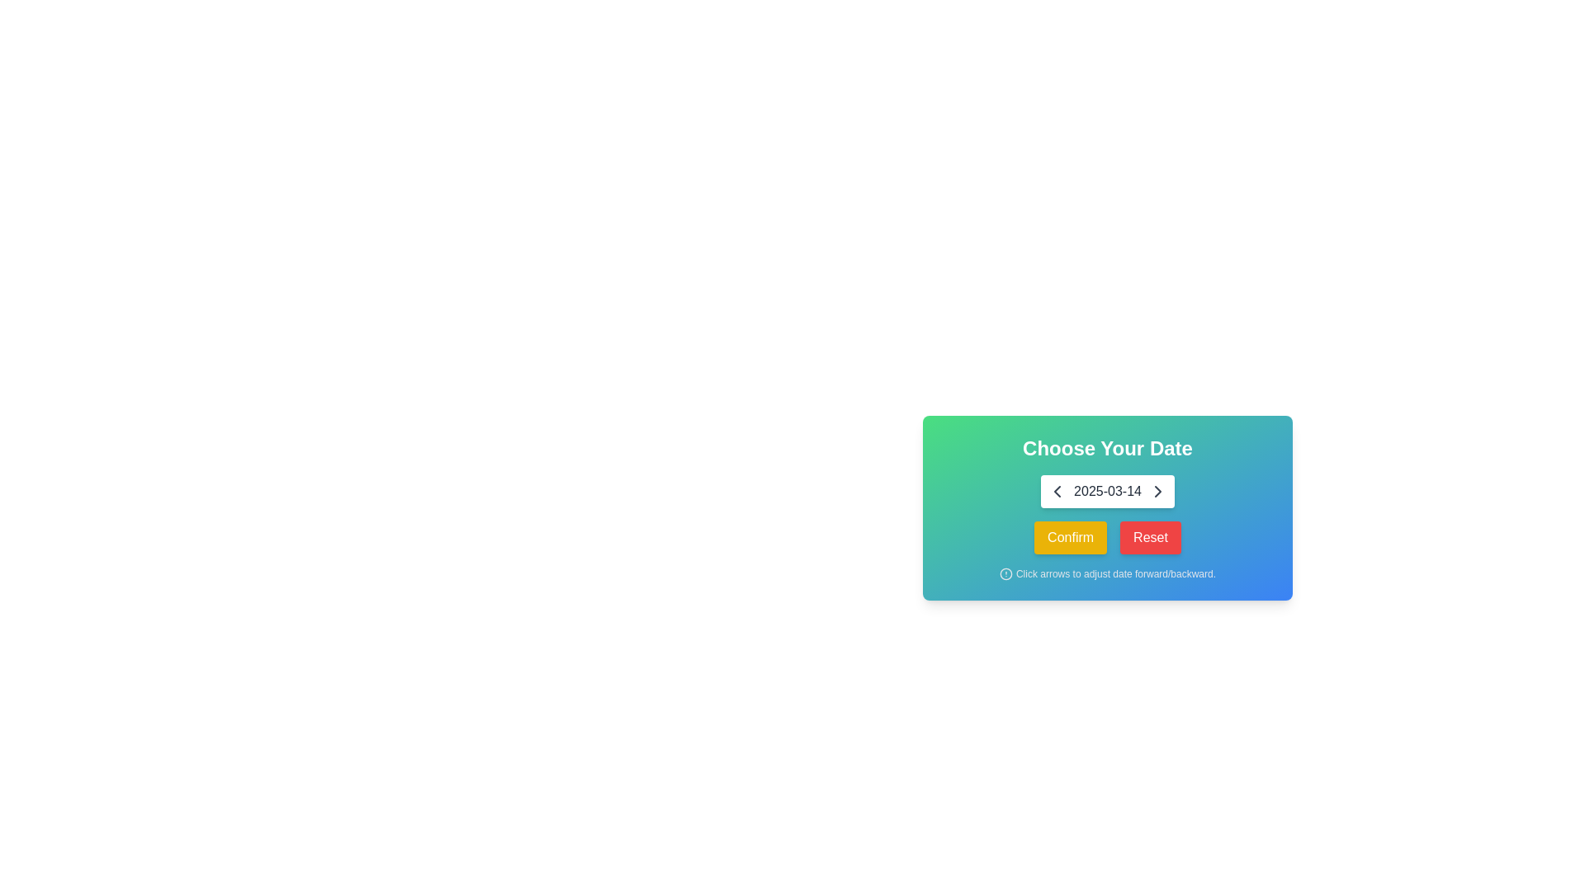 This screenshot has height=891, width=1585. What do you see at coordinates (1057, 491) in the screenshot?
I see `the Interactive button with an arrow icon used for navigating to a previous date in the 'Choose Your Date' dialog box to observe hover effects` at bounding box center [1057, 491].